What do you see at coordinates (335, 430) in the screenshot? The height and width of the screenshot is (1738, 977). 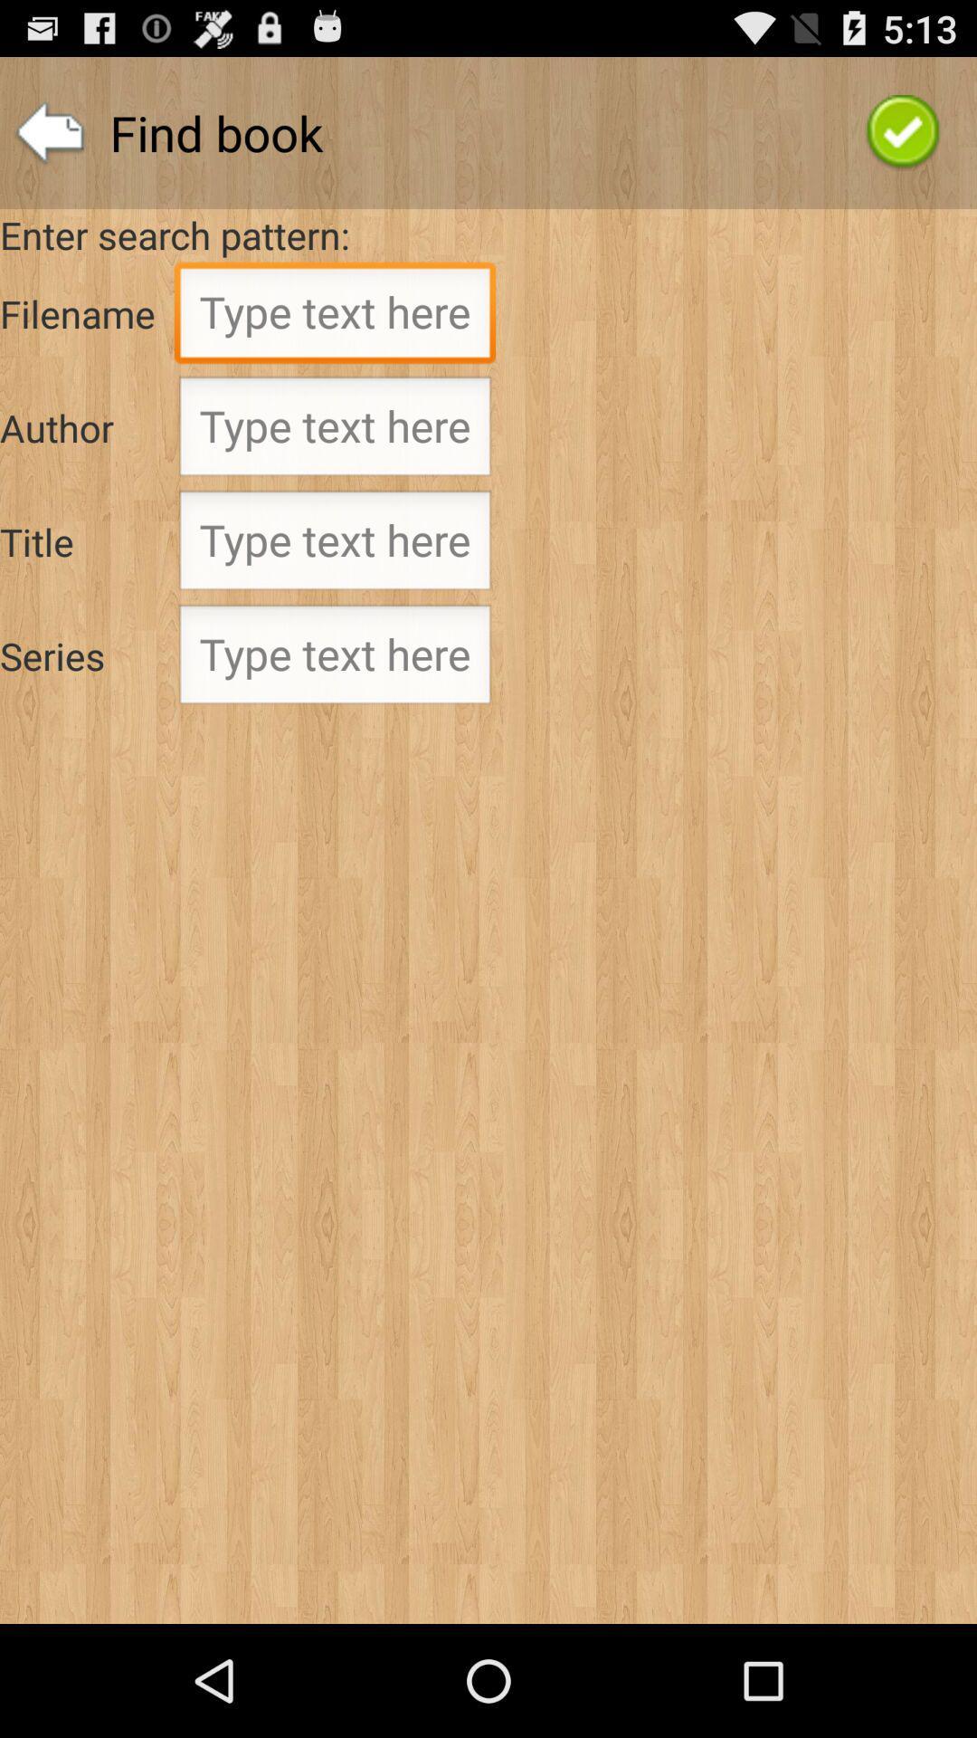 I see `into the box` at bounding box center [335, 430].